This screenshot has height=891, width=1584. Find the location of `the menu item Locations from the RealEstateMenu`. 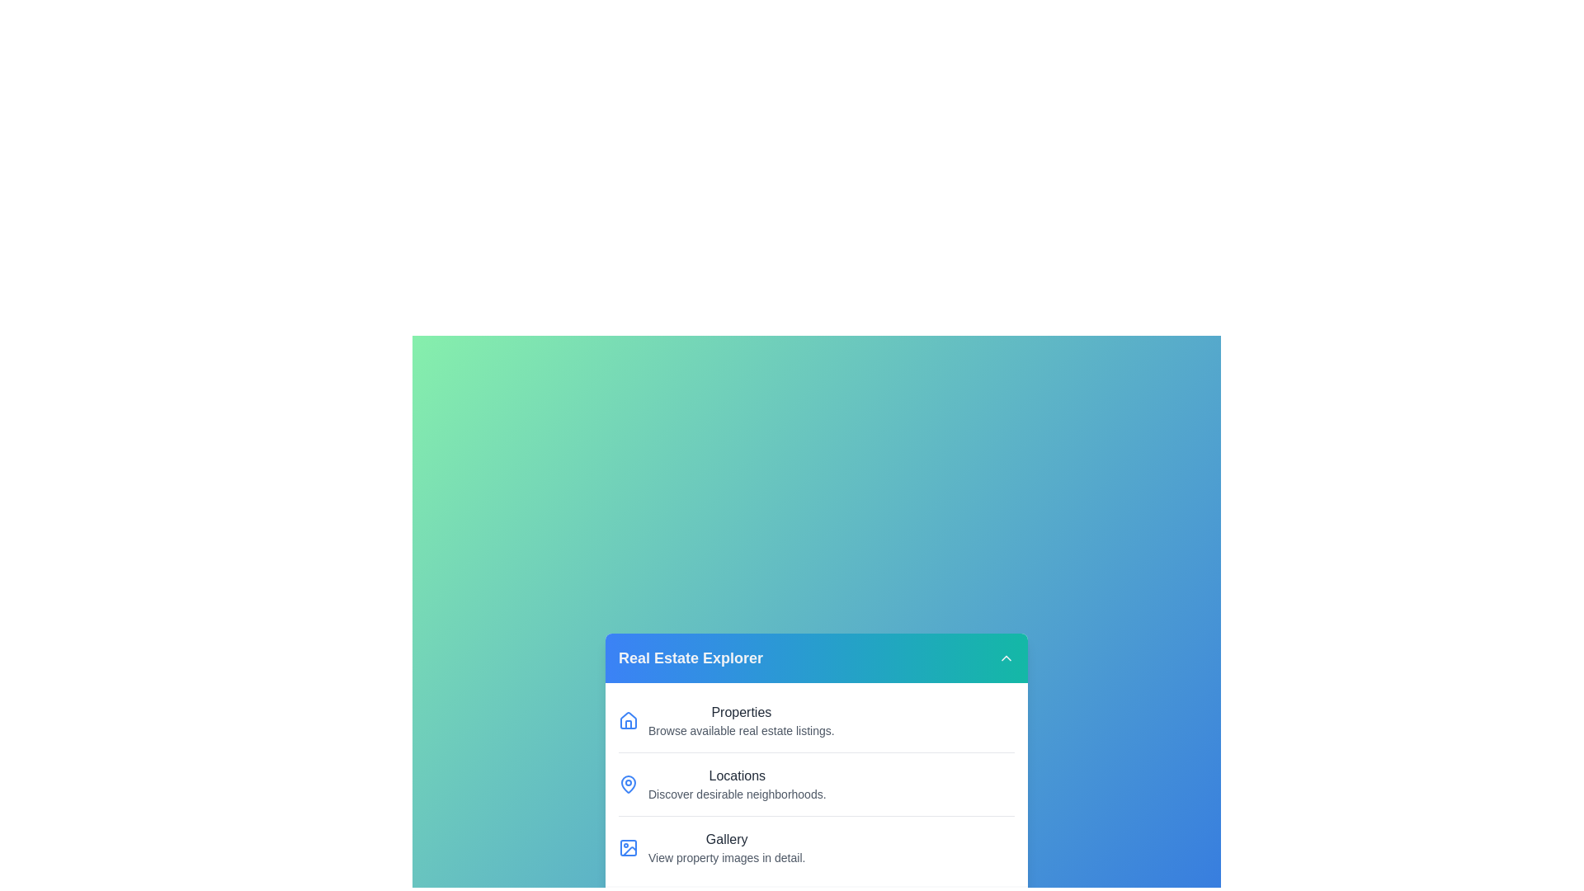

the menu item Locations from the RealEstateMenu is located at coordinates (816, 783).